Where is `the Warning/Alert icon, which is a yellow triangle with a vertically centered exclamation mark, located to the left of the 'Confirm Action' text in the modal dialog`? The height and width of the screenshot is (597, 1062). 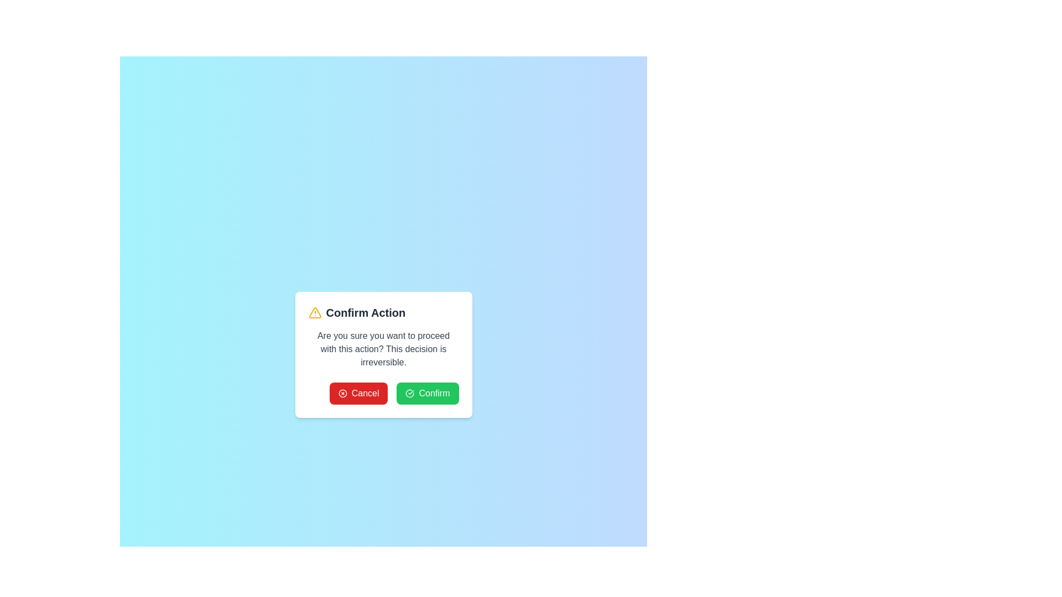
the Warning/Alert icon, which is a yellow triangle with a vertically centered exclamation mark, located to the left of the 'Confirm Action' text in the modal dialog is located at coordinates (314, 313).